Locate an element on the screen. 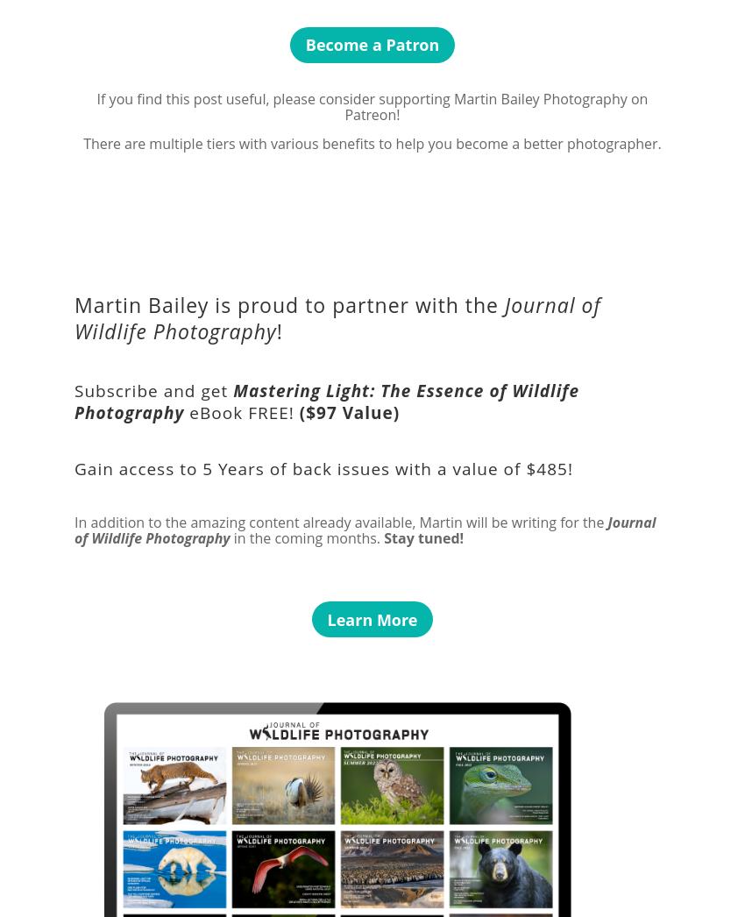 This screenshot has height=917, width=745. '$485!' is located at coordinates (548, 468).